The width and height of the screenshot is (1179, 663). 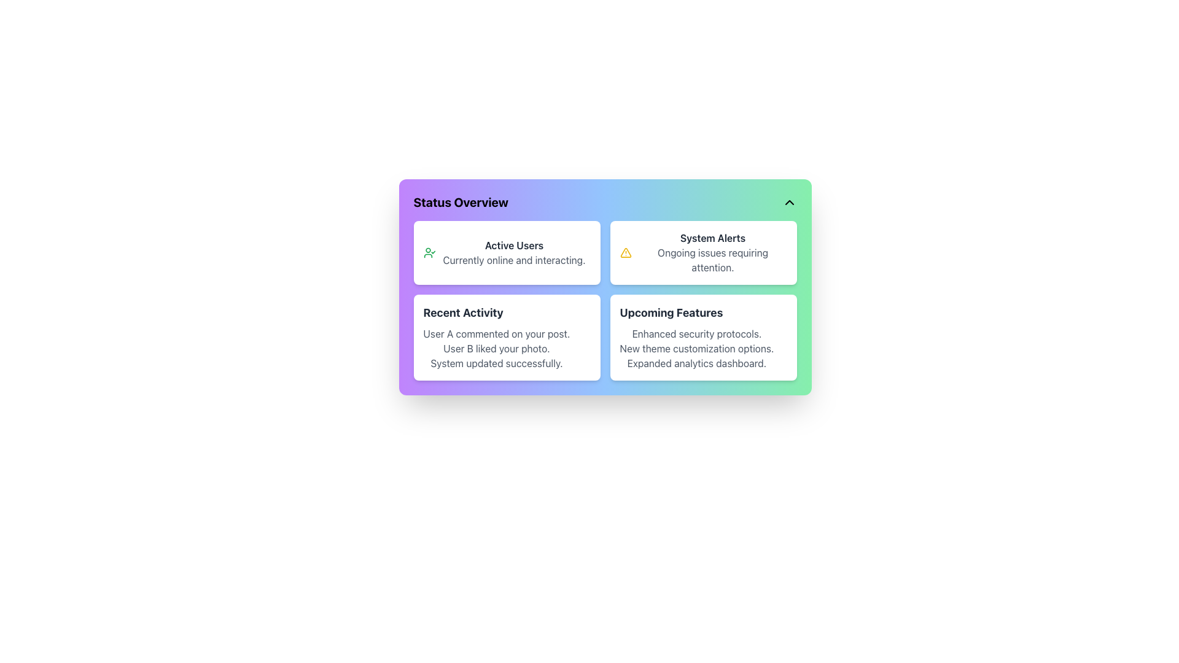 What do you see at coordinates (462, 312) in the screenshot?
I see `the 'Recent Activity' static text label styled in bold and large font, located at the top of a white, rounded rectangle card in the bottom-left quadrant of the layout` at bounding box center [462, 312].